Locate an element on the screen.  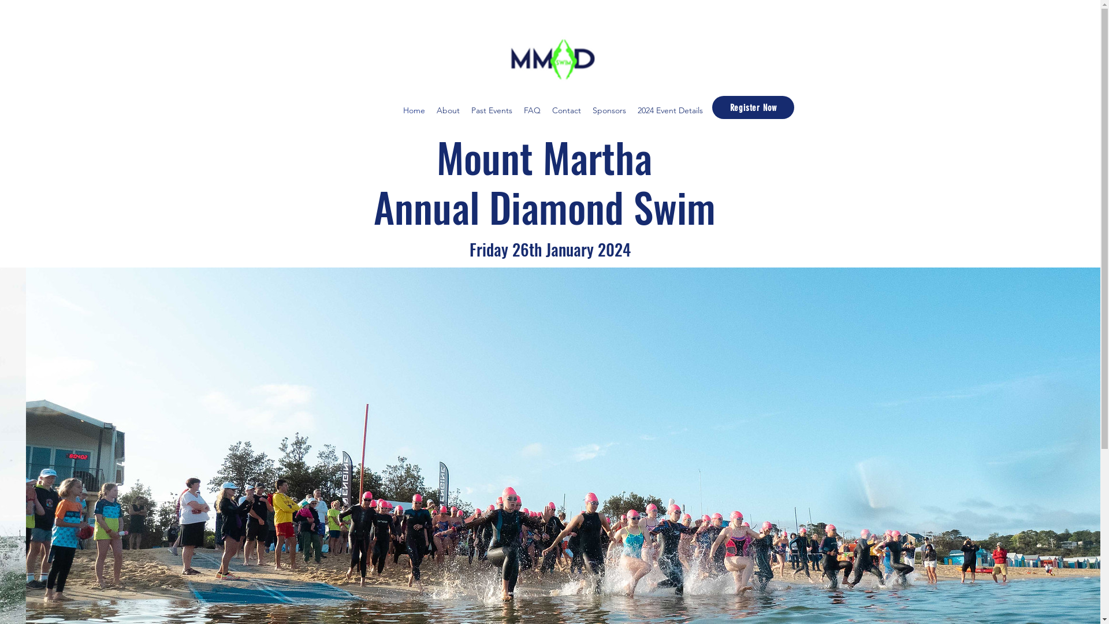
'Past Events' is located at coordinates (492, 110).